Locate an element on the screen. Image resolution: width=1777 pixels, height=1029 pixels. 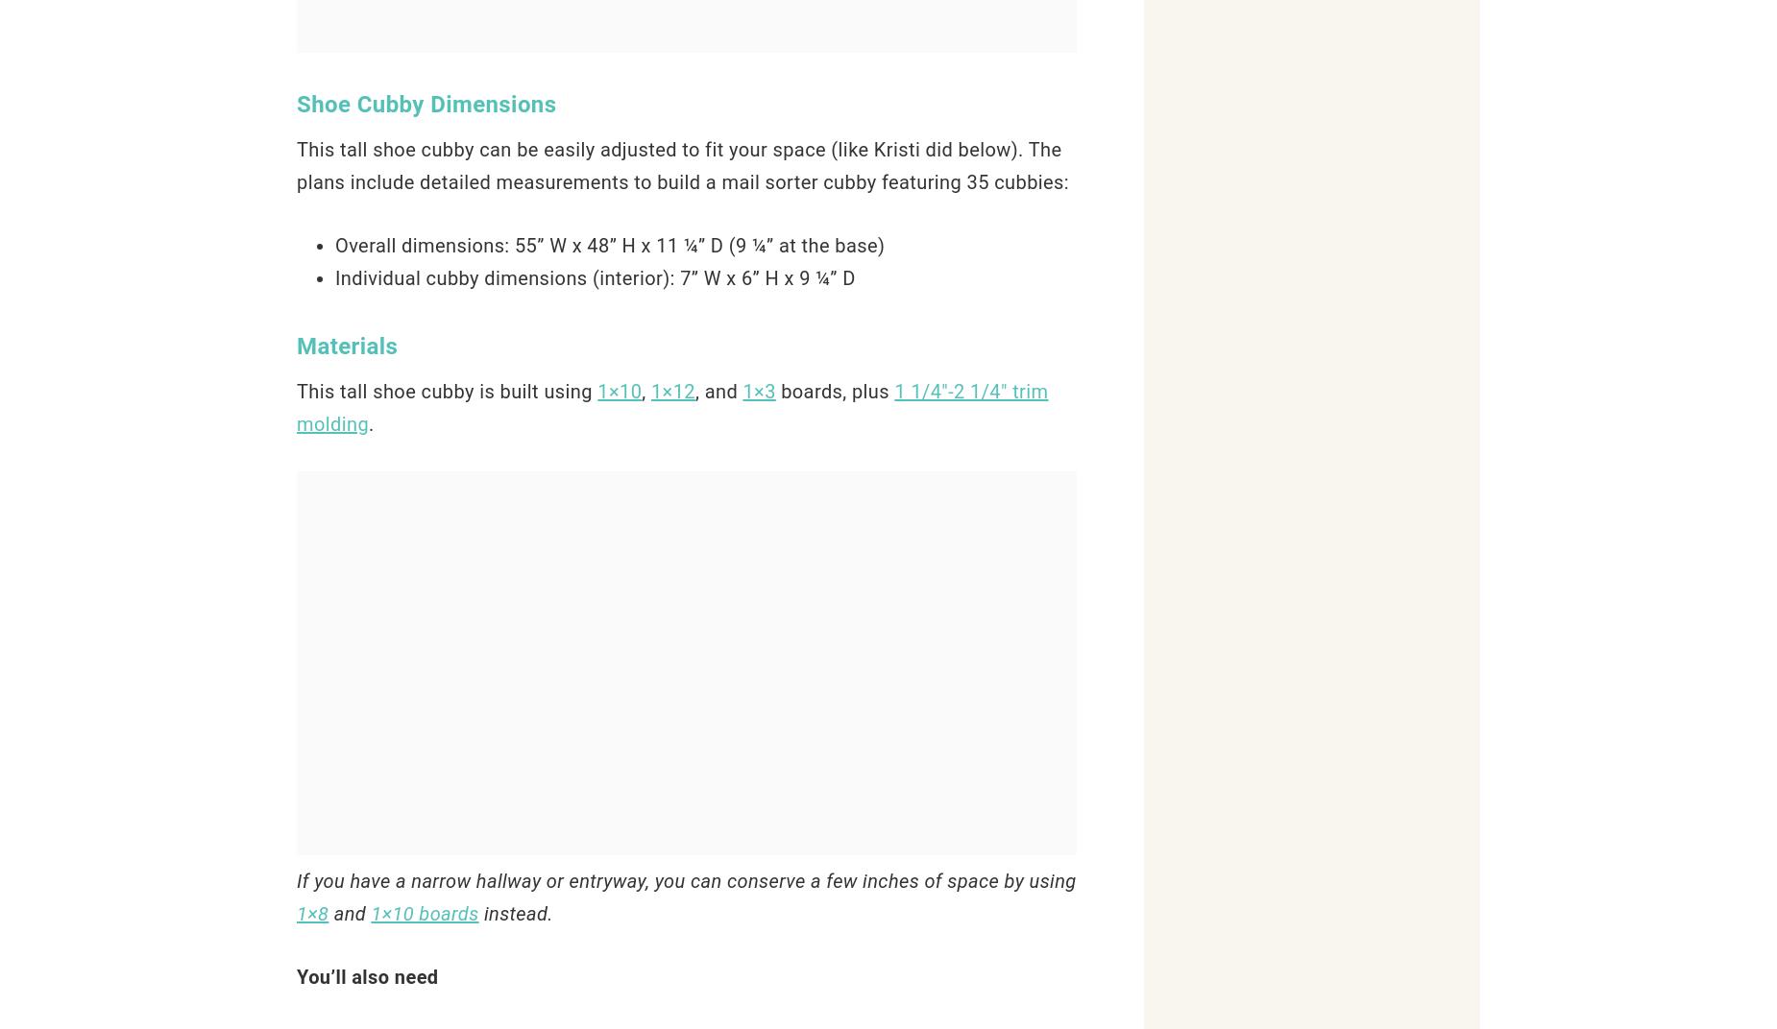
'Individual cubby dimensions (interior): 7” W x 6” H x 9 ¼” D' is located at coordinates (595, 276).